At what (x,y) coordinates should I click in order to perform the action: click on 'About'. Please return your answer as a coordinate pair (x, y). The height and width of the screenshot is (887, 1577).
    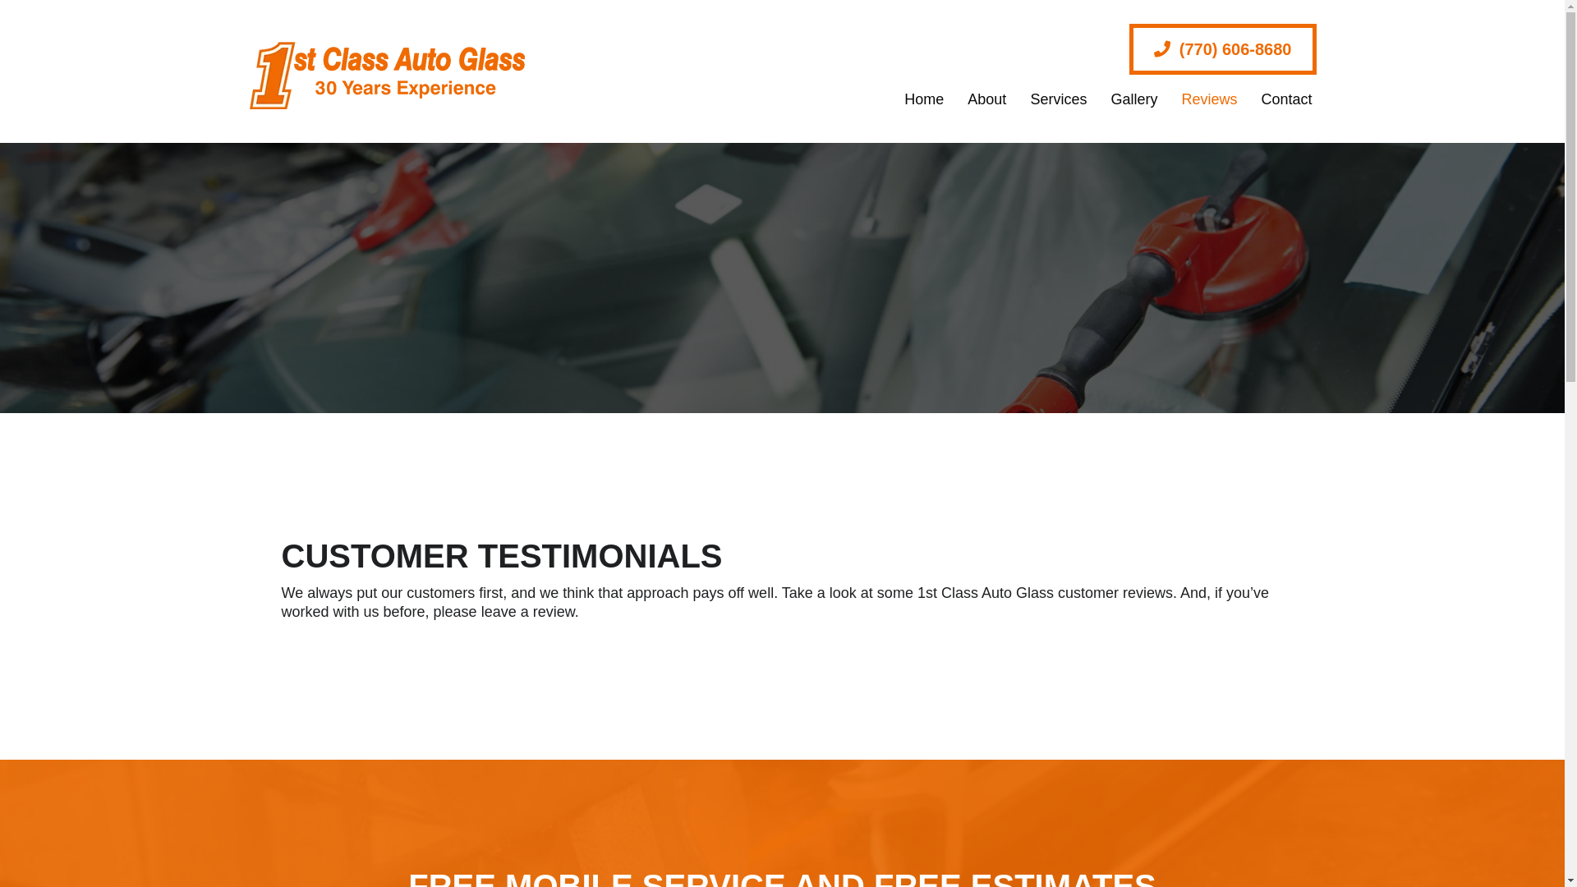
    Looking at the image, I should click on (978, 99).